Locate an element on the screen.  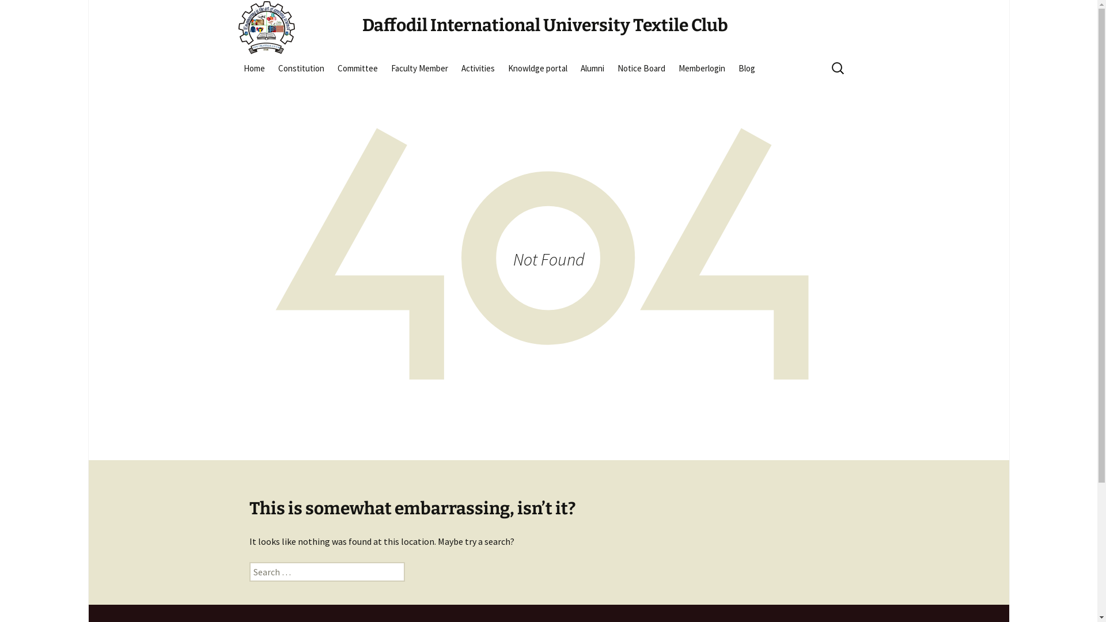
'Home' is located at coordinates (237, 68).